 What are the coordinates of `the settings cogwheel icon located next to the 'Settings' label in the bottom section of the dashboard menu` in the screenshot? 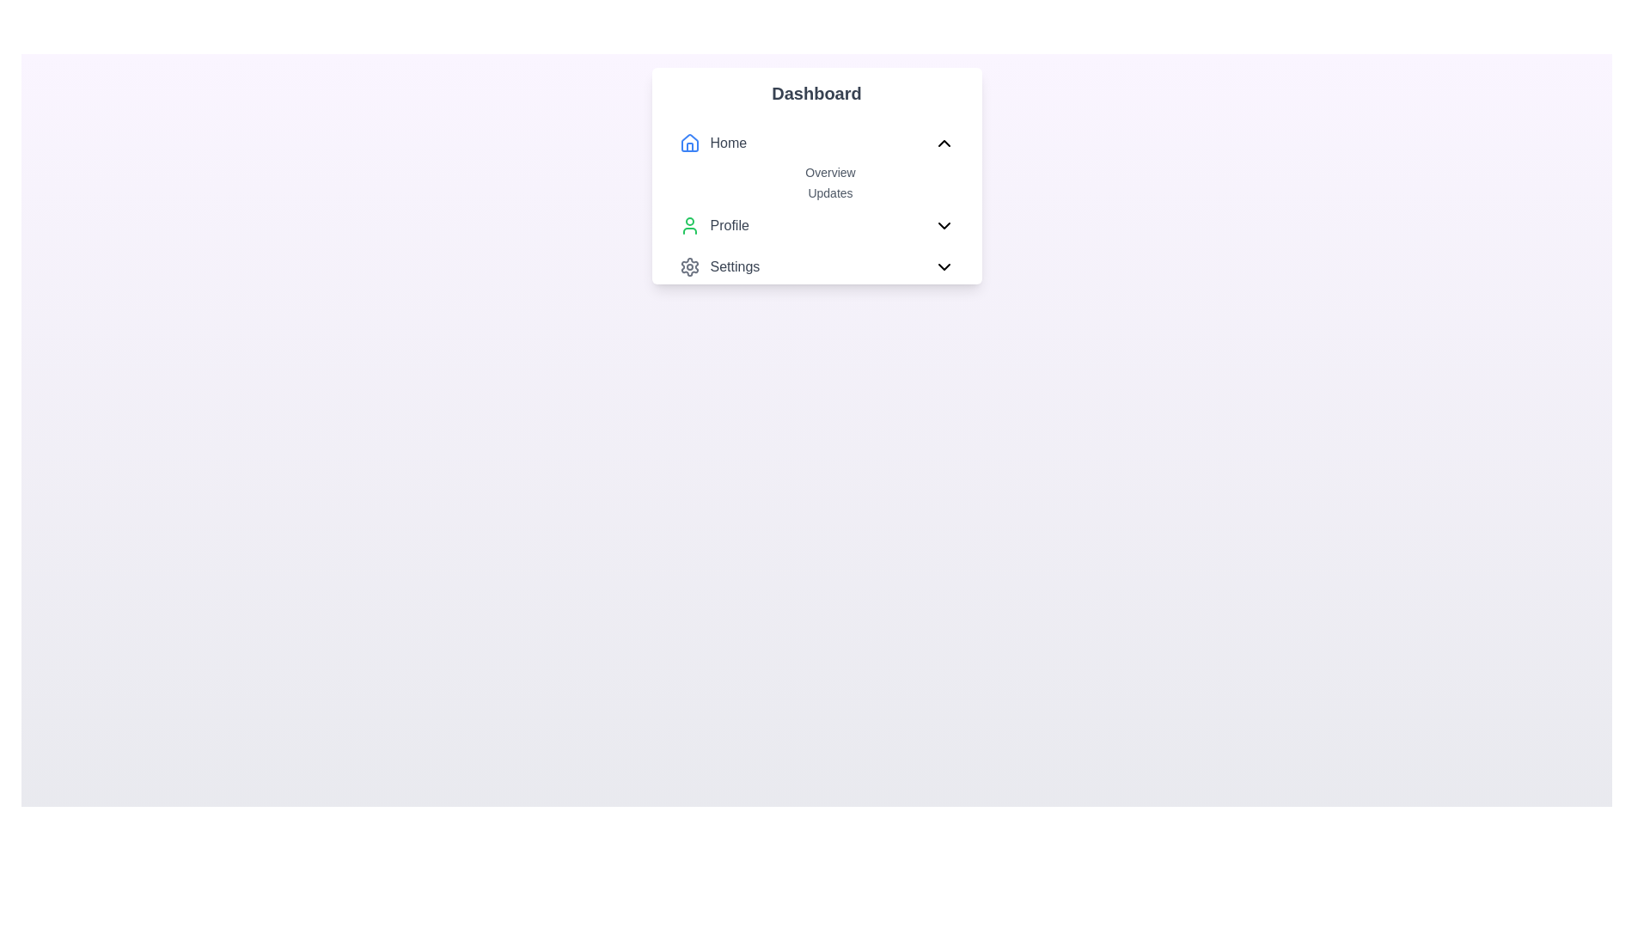 It's located at (689, 267).